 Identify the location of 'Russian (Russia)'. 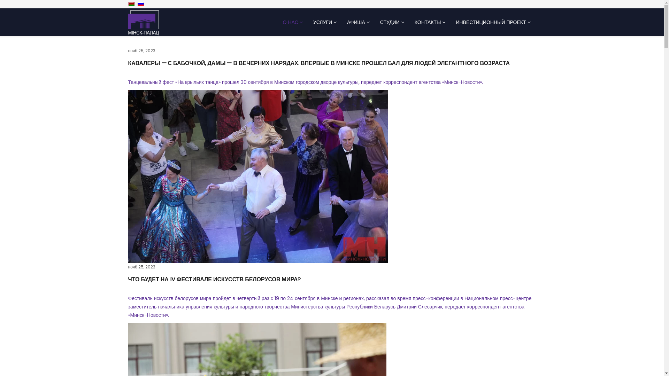
(140, 4).